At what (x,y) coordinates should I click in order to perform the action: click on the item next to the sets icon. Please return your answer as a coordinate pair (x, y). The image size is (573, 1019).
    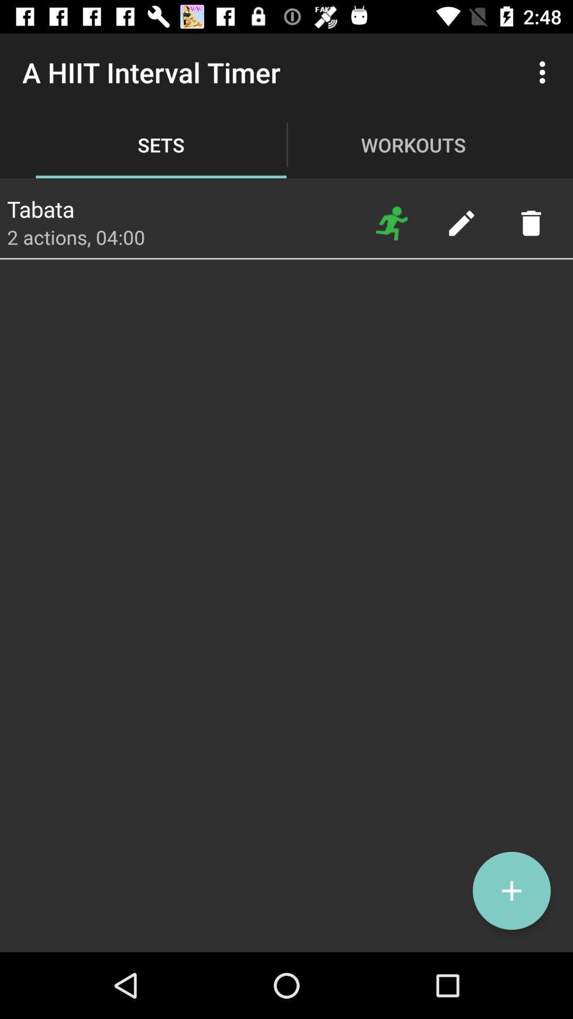
    Looking at the image, I should click on (392, 222).